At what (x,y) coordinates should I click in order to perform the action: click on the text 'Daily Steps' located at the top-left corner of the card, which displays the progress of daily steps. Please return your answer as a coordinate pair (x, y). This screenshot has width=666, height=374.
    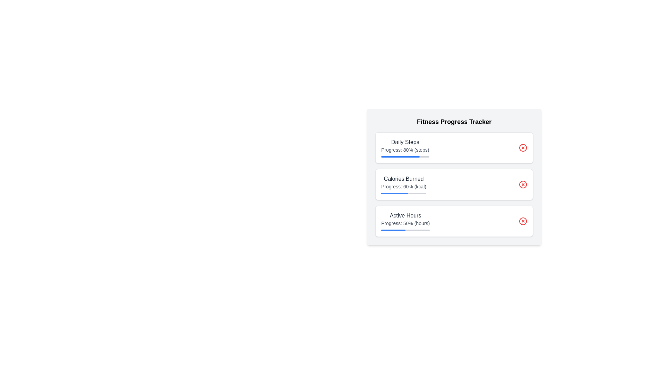
    Looking at the image, I should click on (405, 142).